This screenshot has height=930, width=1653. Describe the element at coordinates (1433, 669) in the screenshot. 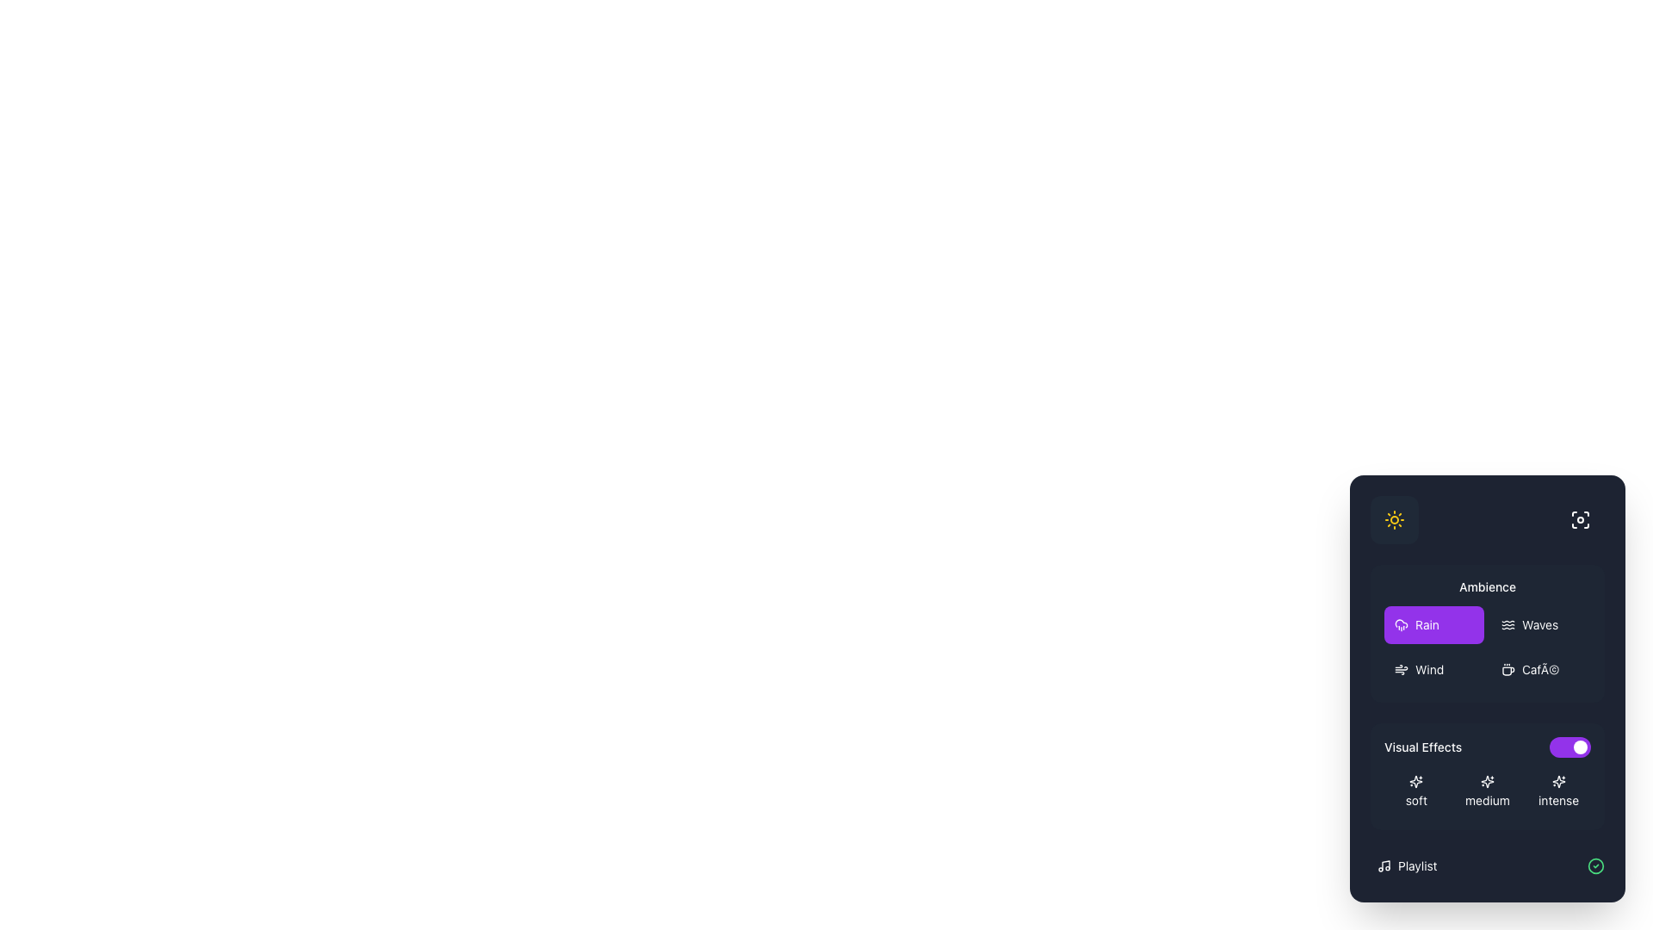

I see `the 'Wind' button in the 'Ambience' section, which features a flowing wind icon and light-gray text` at that location.